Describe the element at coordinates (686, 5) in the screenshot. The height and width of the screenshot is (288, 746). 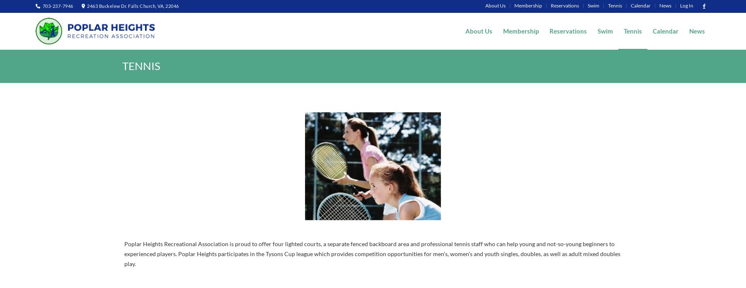
I see `'Log In'` at that location.